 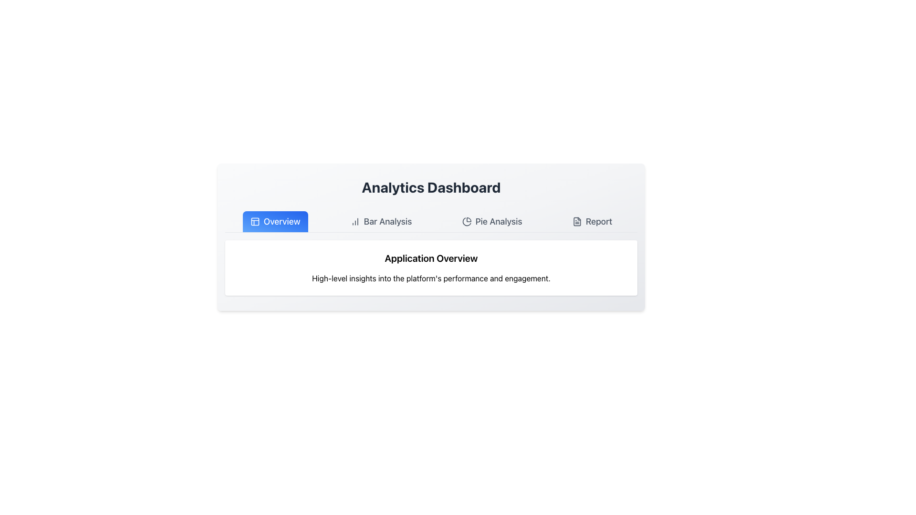 What do you see at coordinates (430, 222) in the screenshot?
I see `the 'Pie Analysis' tab in the Navigation bar located below the title 'Analytics Dashboard'` at bounding box center [430, 222].